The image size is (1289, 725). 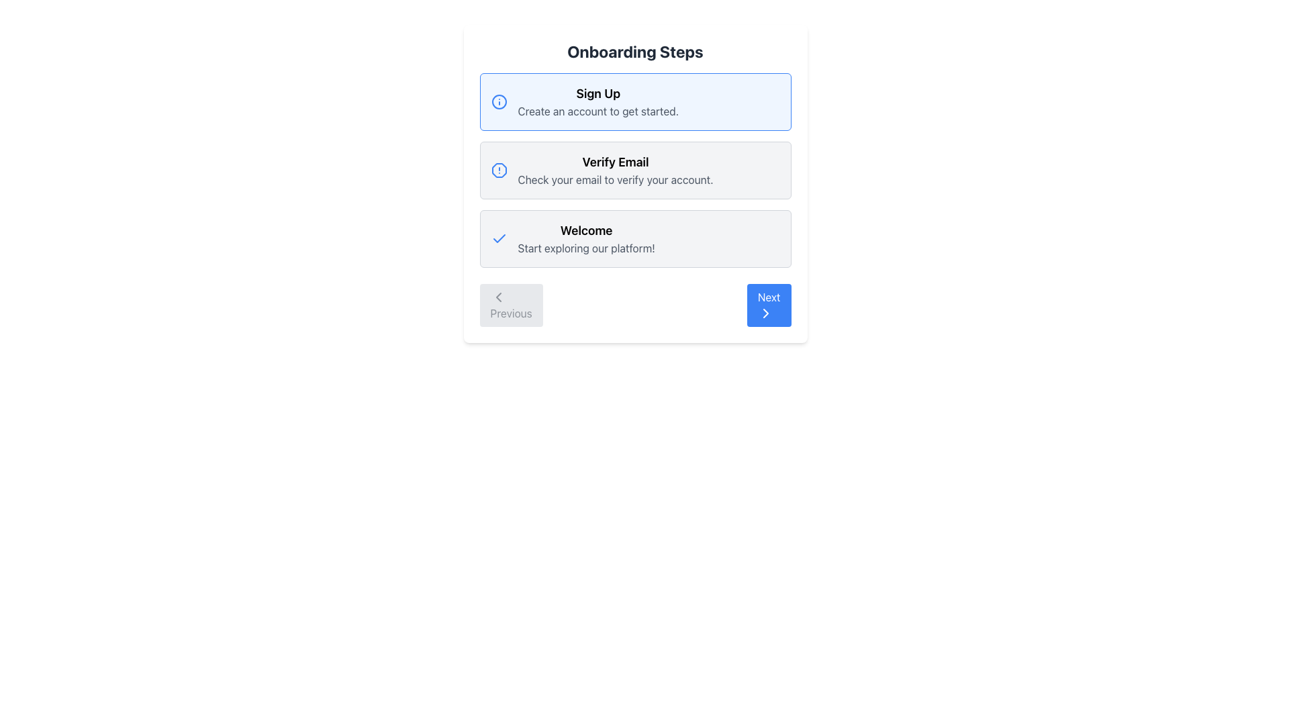 What do you see at coordinates (598, 101) in the screenshot?
I see `the 'Sign Up' text description block, which is the first entry in the onboarding steps list, styled with bold and larger font, and containing a smaller gray text below it` at bounding box center [598, 101].